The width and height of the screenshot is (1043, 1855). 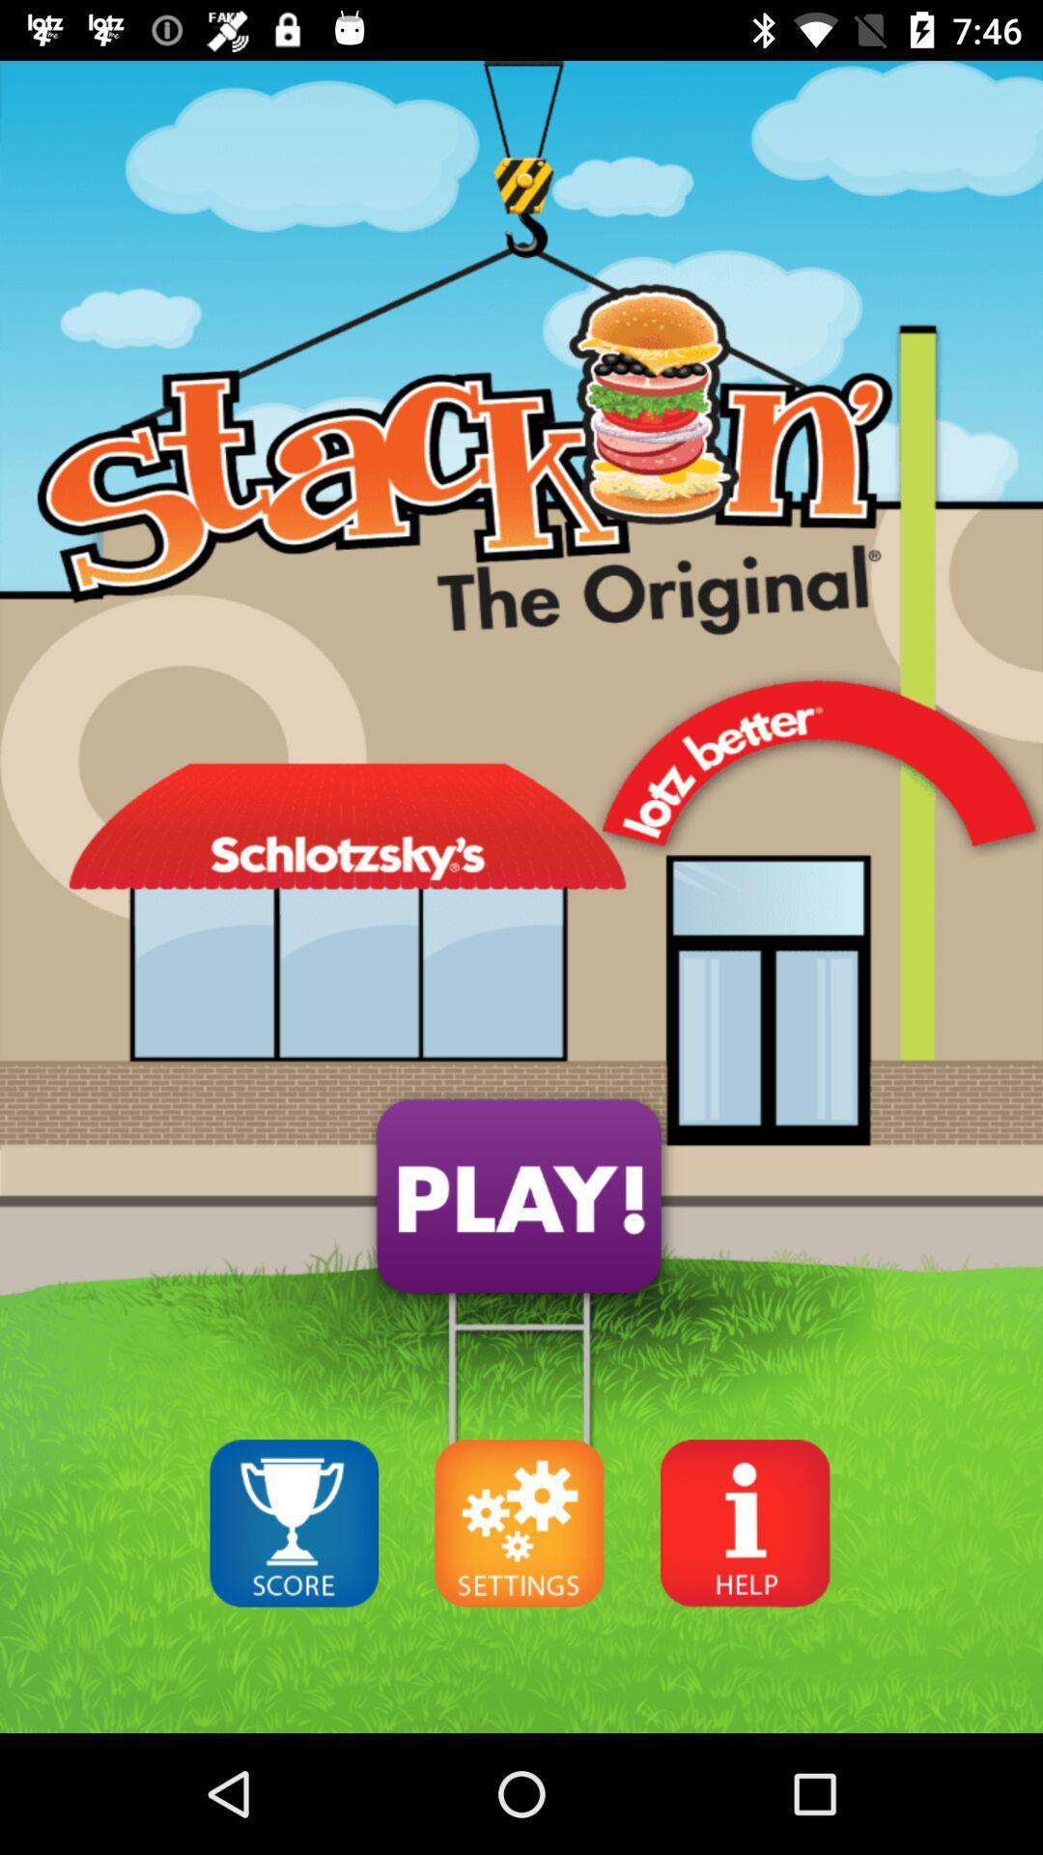 What do you see at coordinates (745, 1522) in the screenshot?
I see `the info icon` at bounding box center [745, 1522].